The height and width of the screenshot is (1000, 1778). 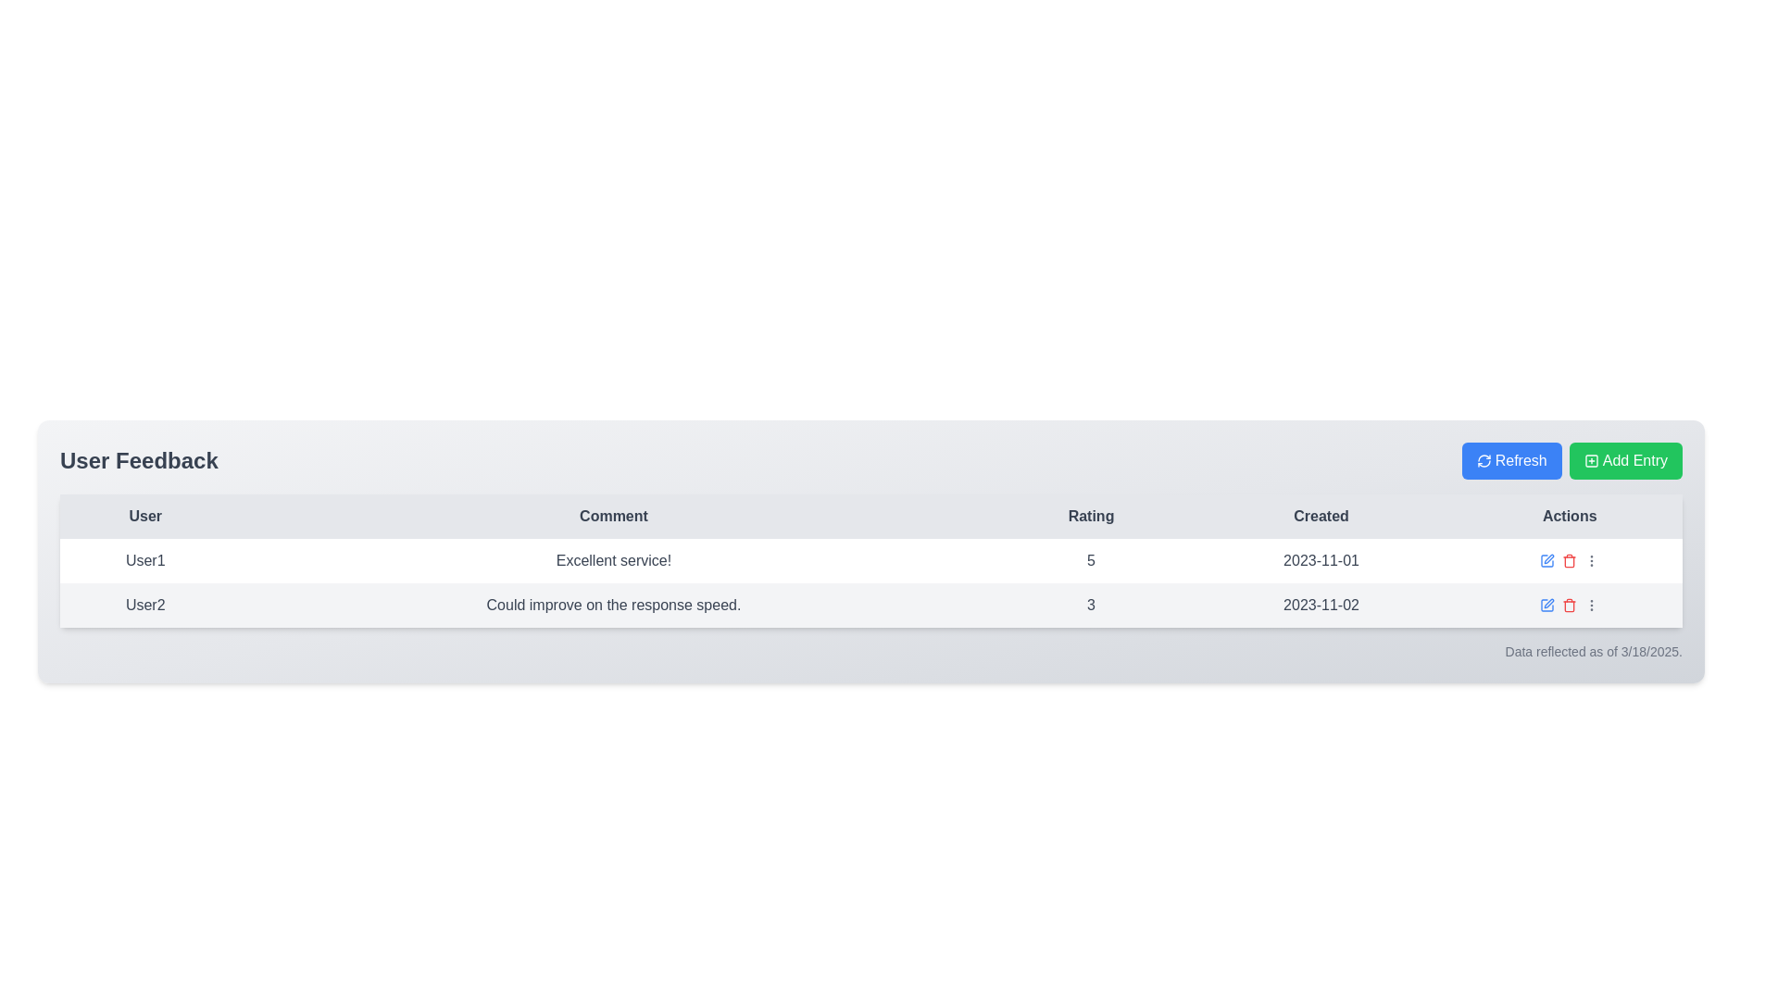 What do you see at coordinates (613, 606) in the screenshot?
I see `the Text label displaying 'Could improve on the response speed.' which is located in the second row of the table under the 'Comment' column` at bounding box center [613, 606].